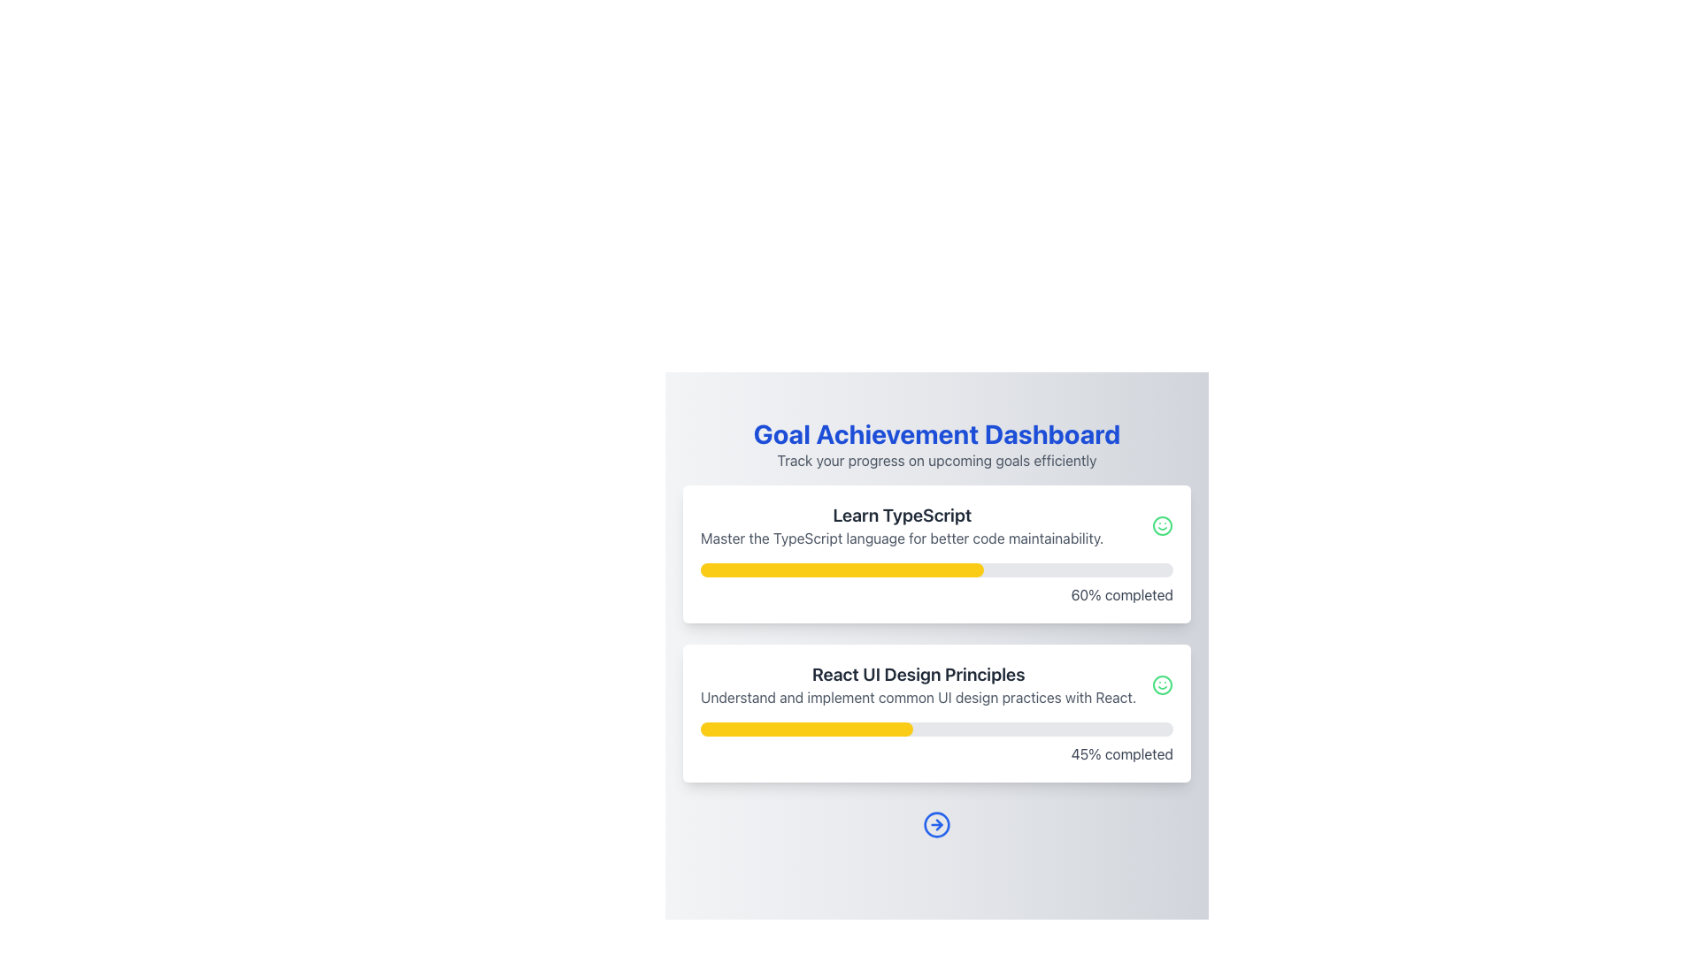  What do you see at coordinates (936, 554) in the screenshot?
I see `progress information displayed on the Information Card located in the first row, showing 60% completion and details about the learning track` at bounding box center [936, 554].